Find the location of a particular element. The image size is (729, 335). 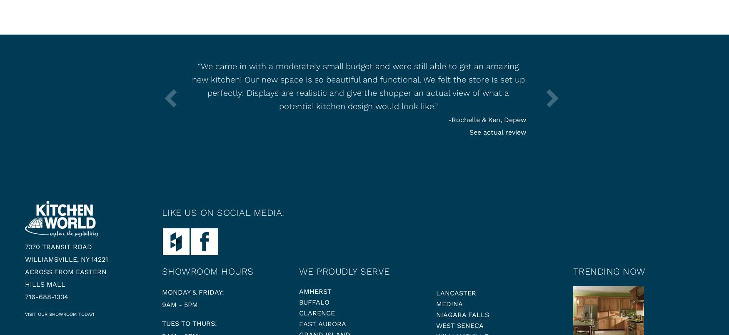

'Like us on Social Media!' is located at coordinates (222, 212).